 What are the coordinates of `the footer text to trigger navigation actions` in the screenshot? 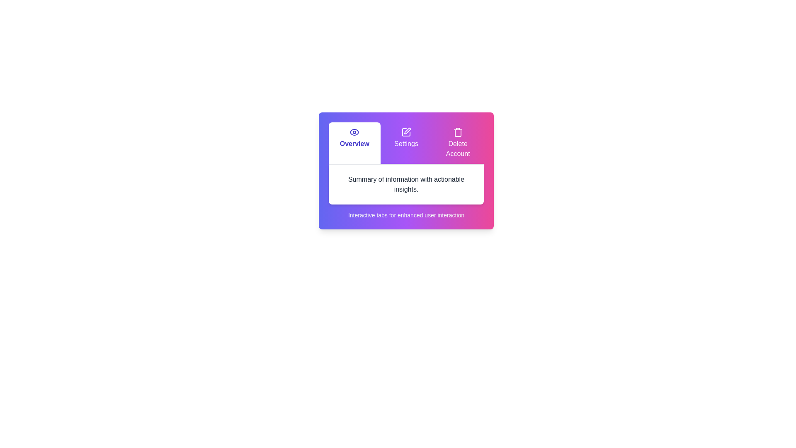 It's located at (406, 215).